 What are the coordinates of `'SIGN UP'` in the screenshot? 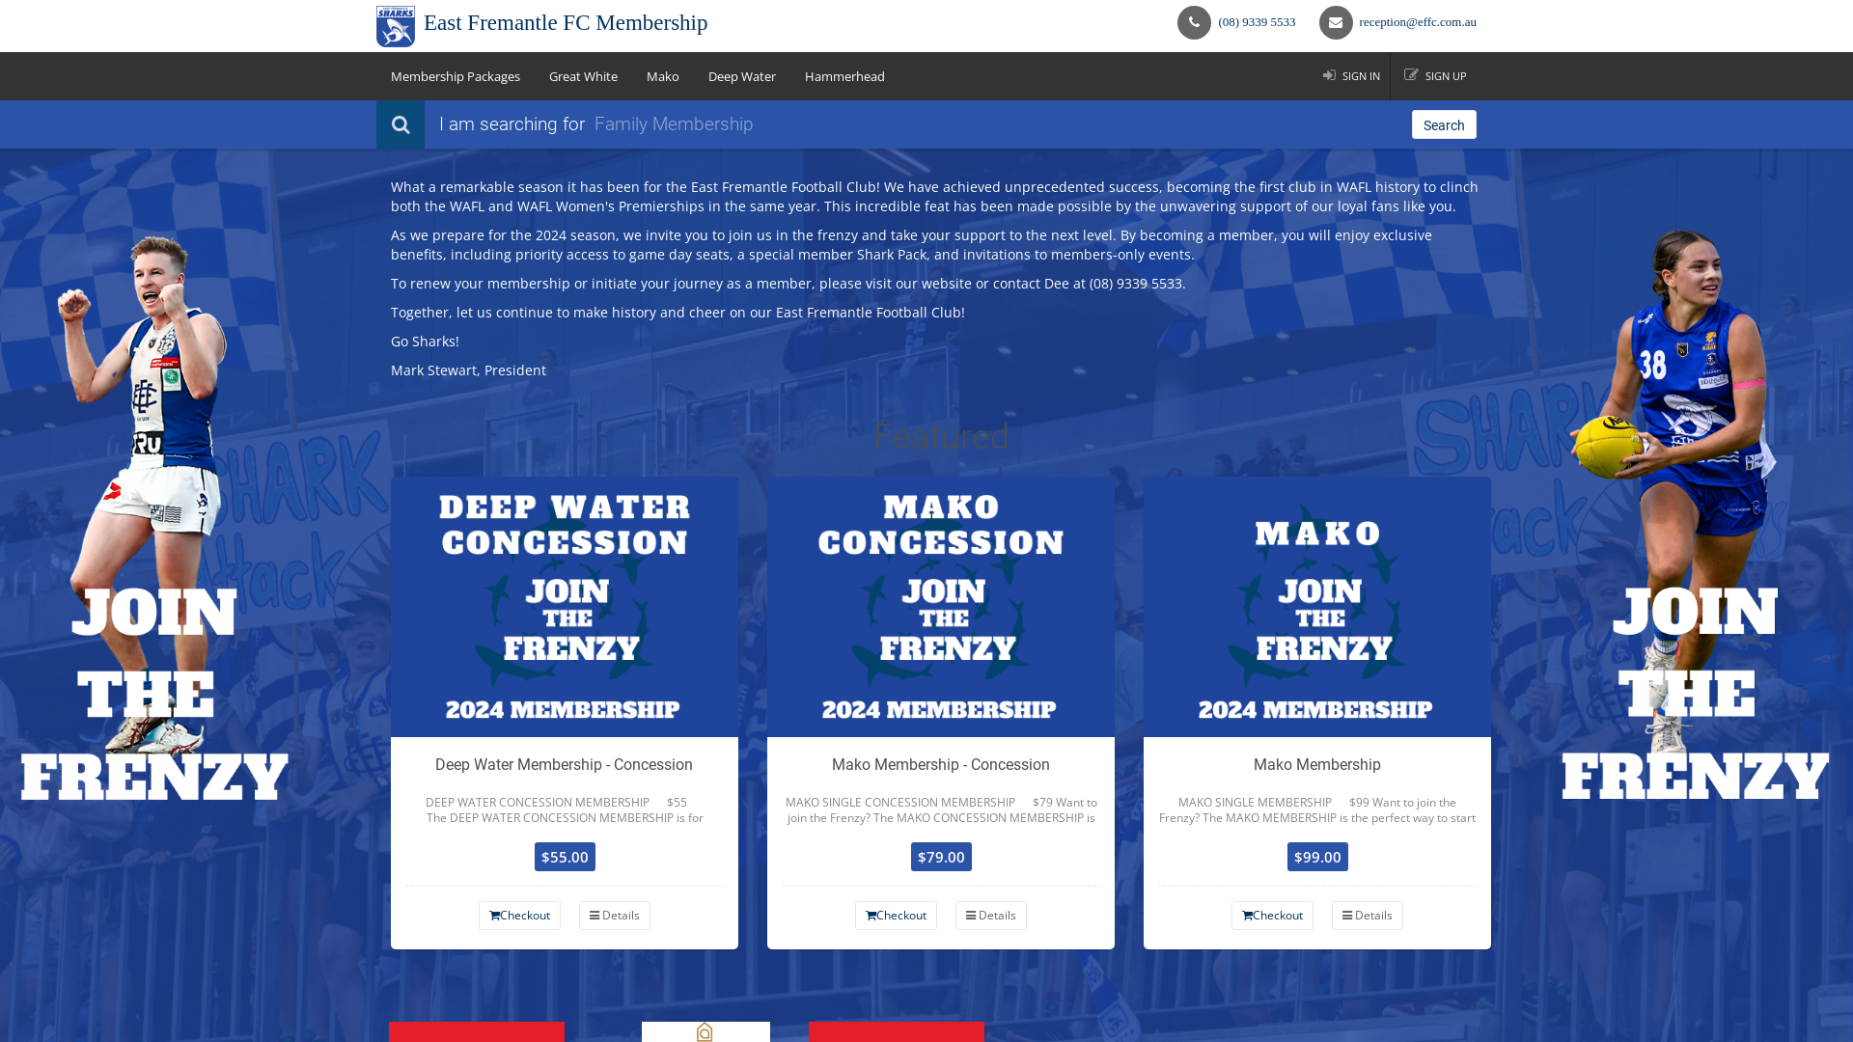 It's located at (1435, 74).